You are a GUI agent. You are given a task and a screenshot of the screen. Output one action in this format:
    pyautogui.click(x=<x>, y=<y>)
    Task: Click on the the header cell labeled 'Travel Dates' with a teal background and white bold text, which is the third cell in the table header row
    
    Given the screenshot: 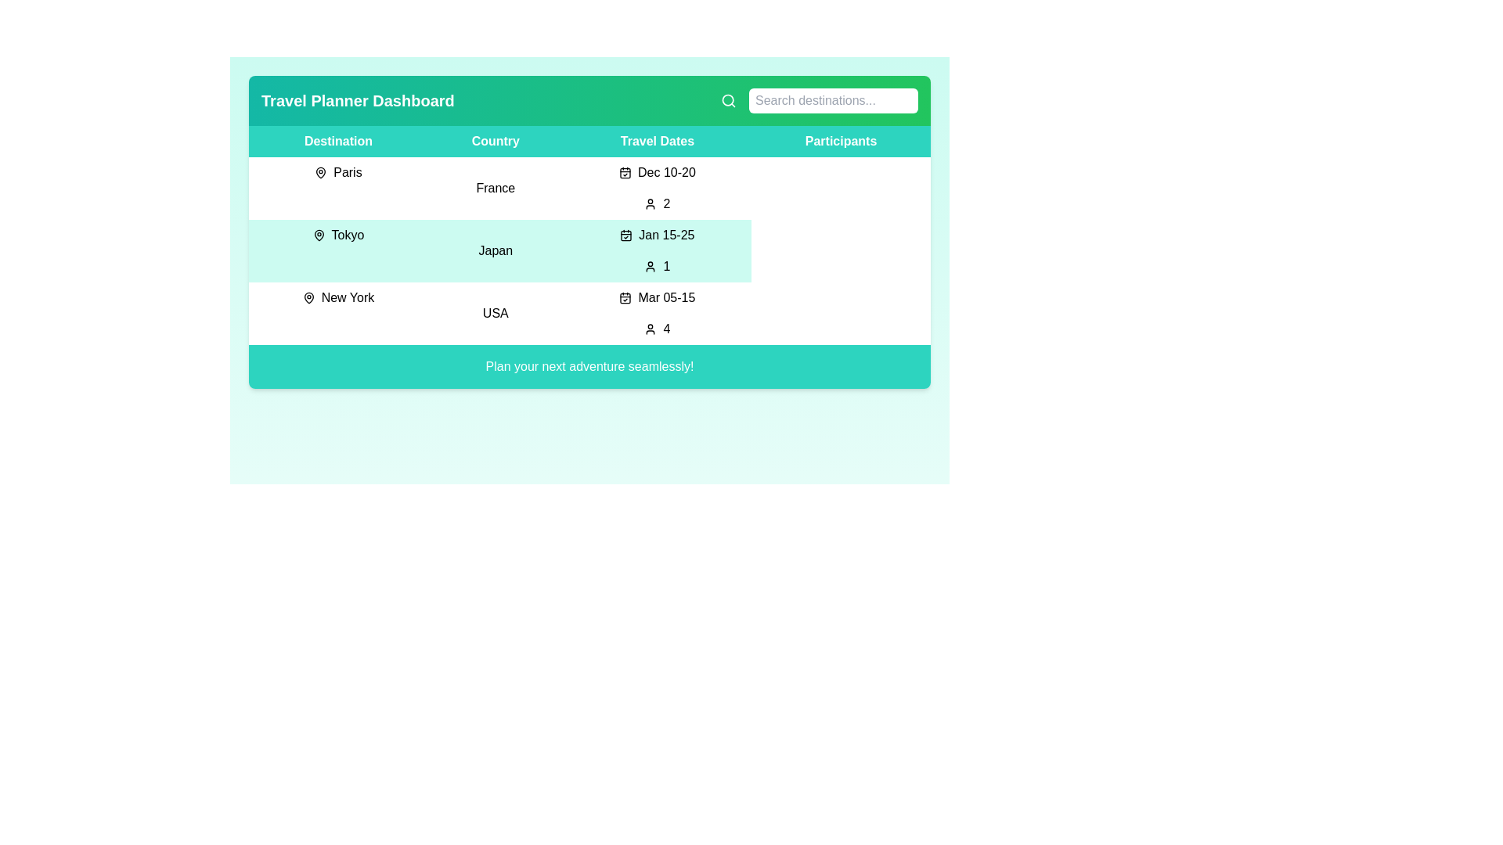 What is the action you would take?
    pyautogui.click(x=658, y=142)
    